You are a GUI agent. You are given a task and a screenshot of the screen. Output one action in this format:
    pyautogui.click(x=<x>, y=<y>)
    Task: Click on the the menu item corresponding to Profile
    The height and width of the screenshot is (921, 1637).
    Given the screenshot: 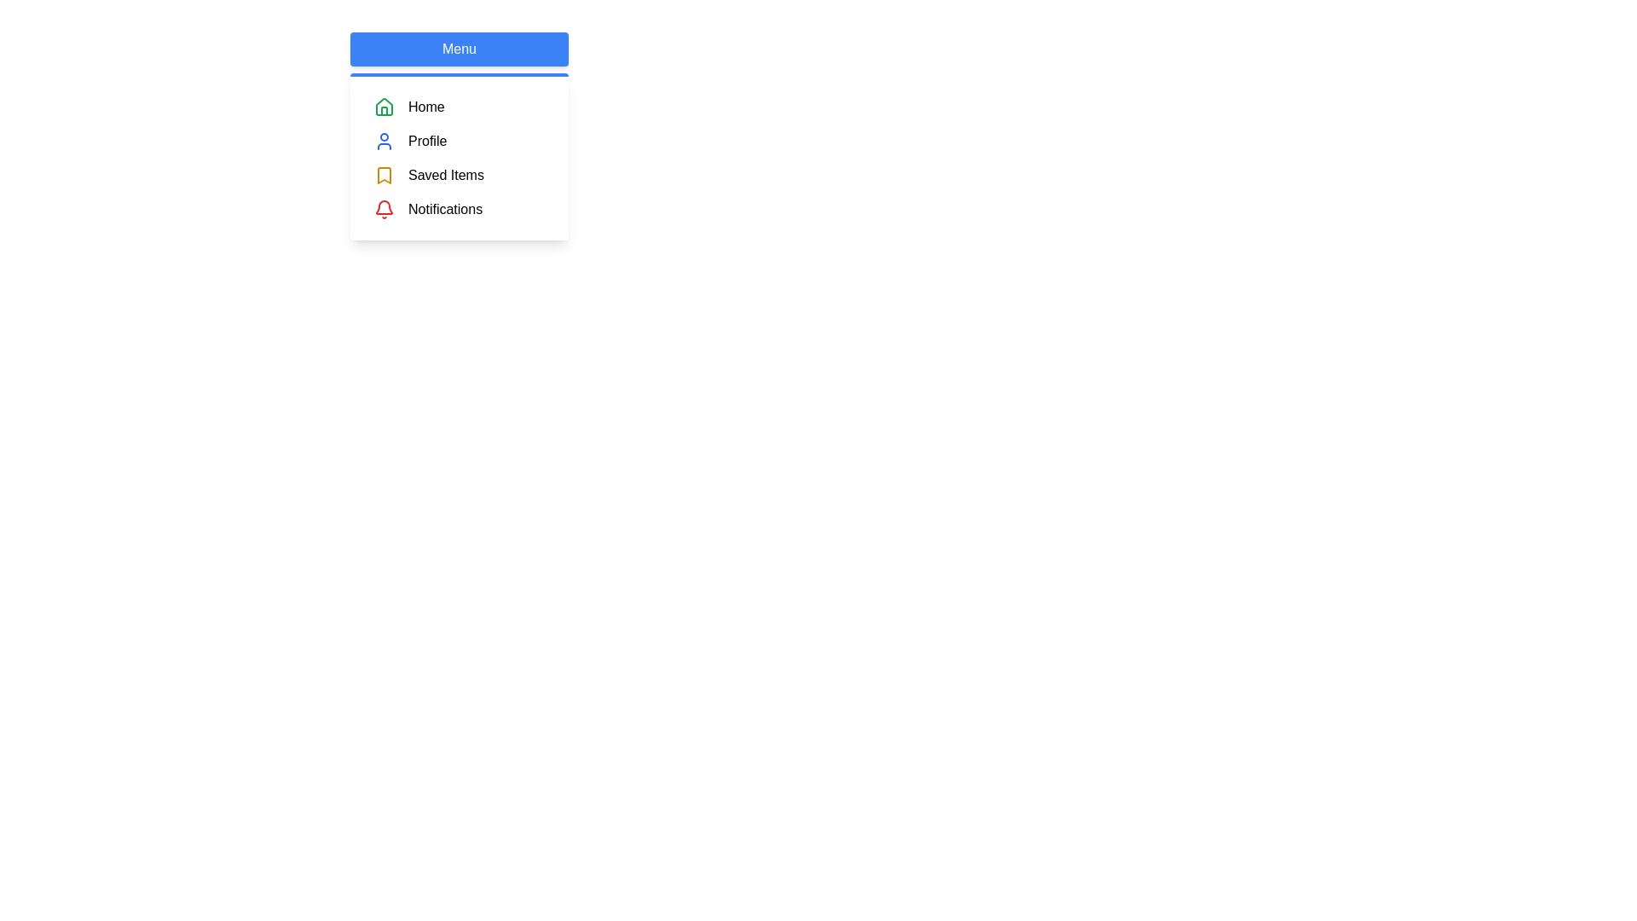 What is the action you would take?
    pyautogui.click(x=373, y=140)
    